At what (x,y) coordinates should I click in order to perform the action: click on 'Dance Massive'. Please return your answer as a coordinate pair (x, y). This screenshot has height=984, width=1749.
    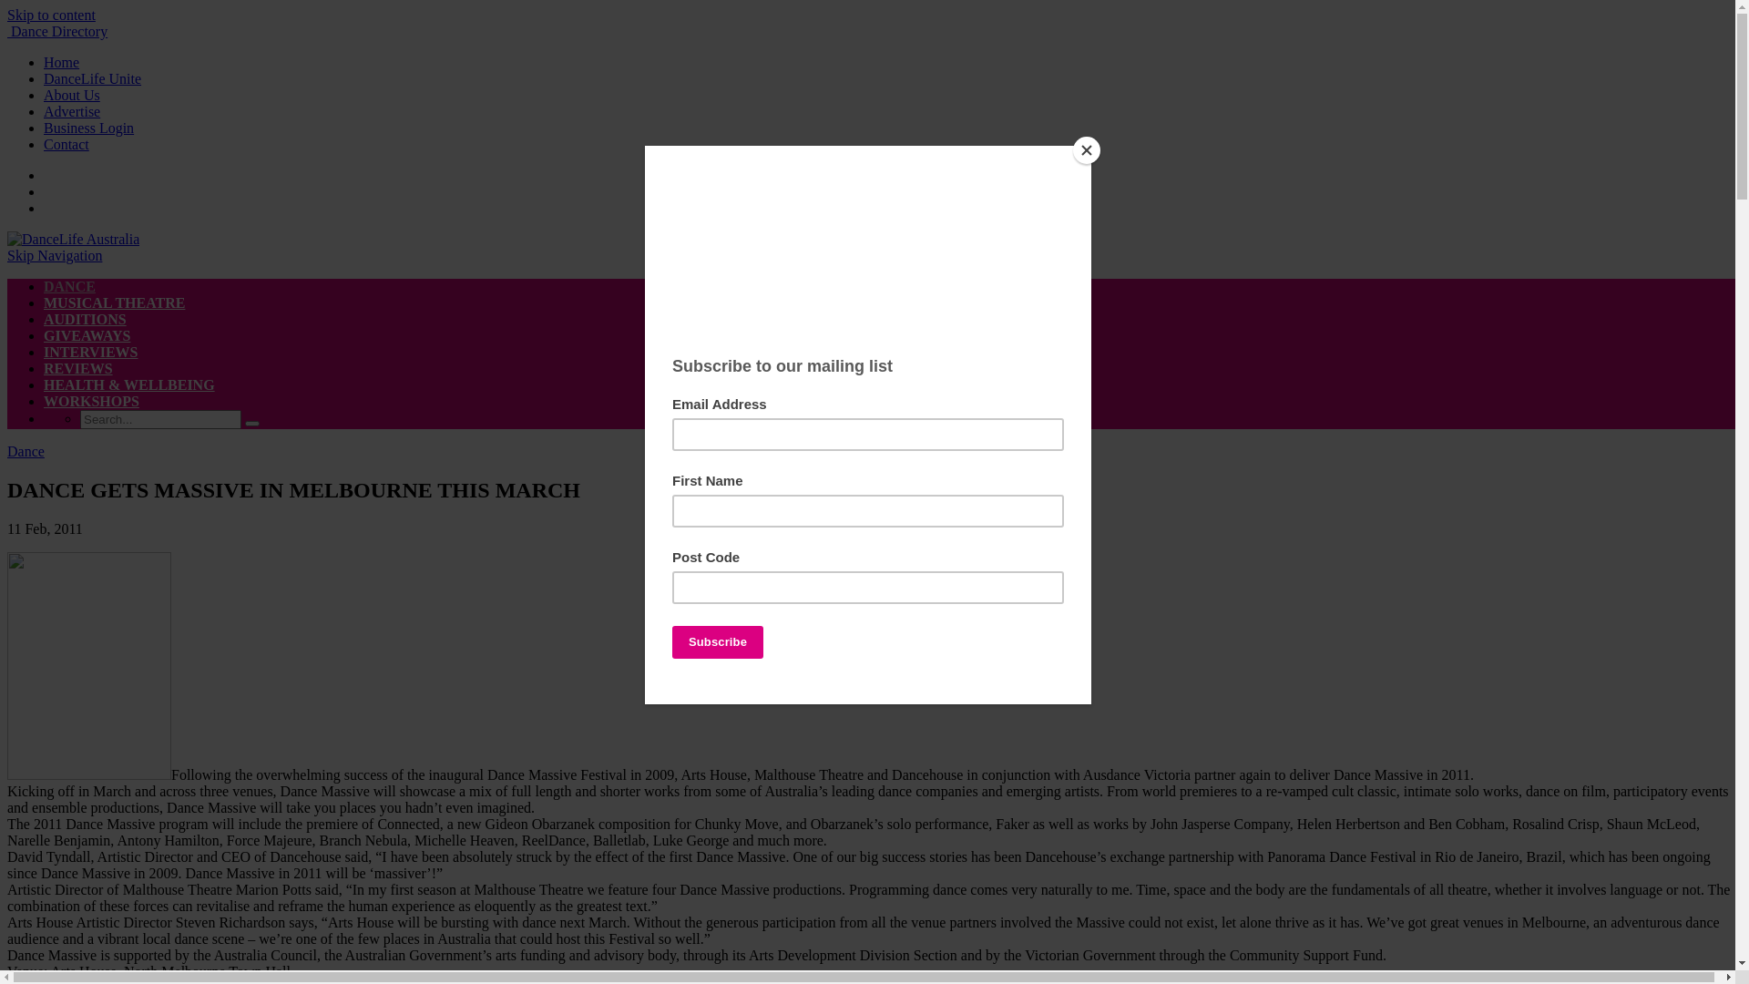
    Looking at the image, I should click on (87, 666).